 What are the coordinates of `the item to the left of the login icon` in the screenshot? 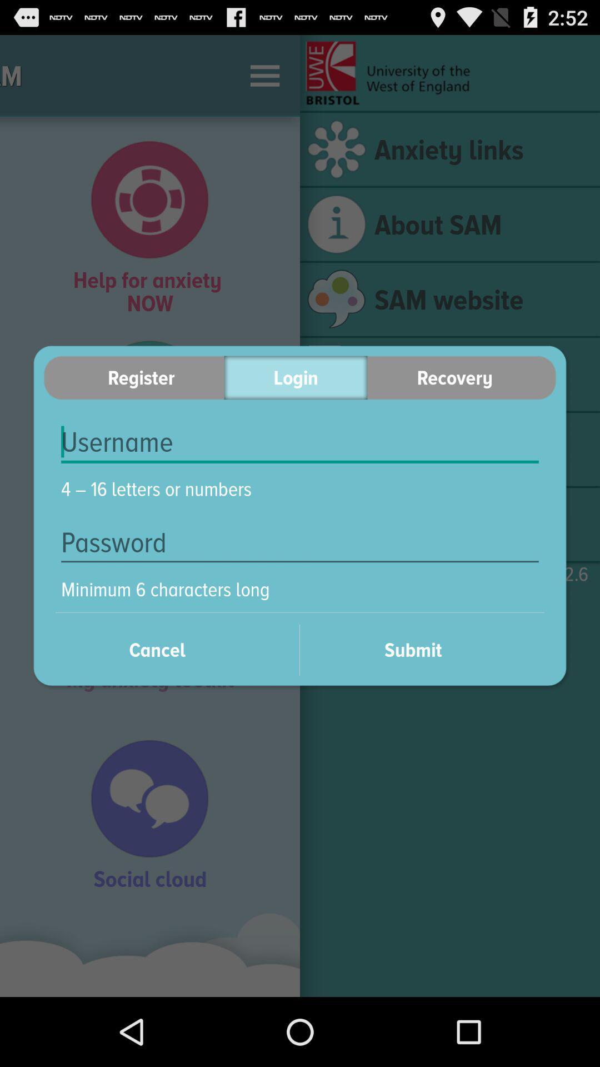 It's located at (133, 377).